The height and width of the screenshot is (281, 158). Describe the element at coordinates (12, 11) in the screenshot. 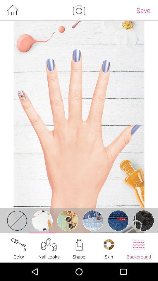

I see `the home icon` at that location.